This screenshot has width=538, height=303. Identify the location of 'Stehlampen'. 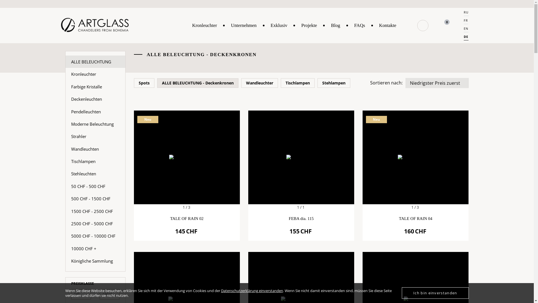
(333, 82).